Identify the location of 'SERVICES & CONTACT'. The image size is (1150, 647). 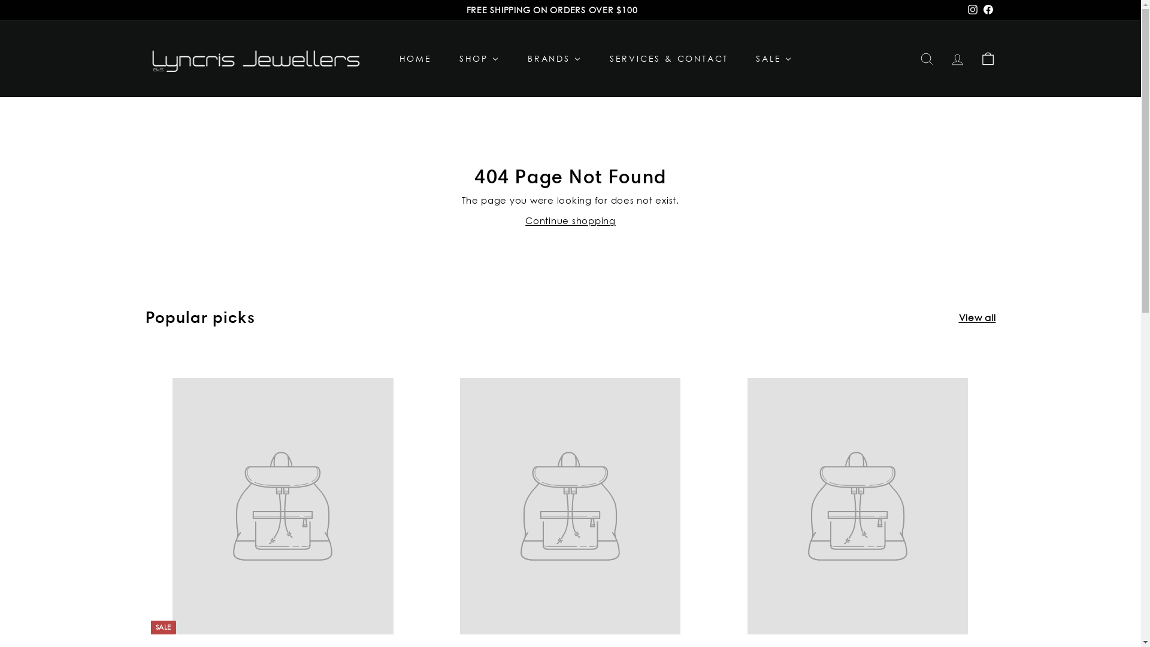
(595, 58).